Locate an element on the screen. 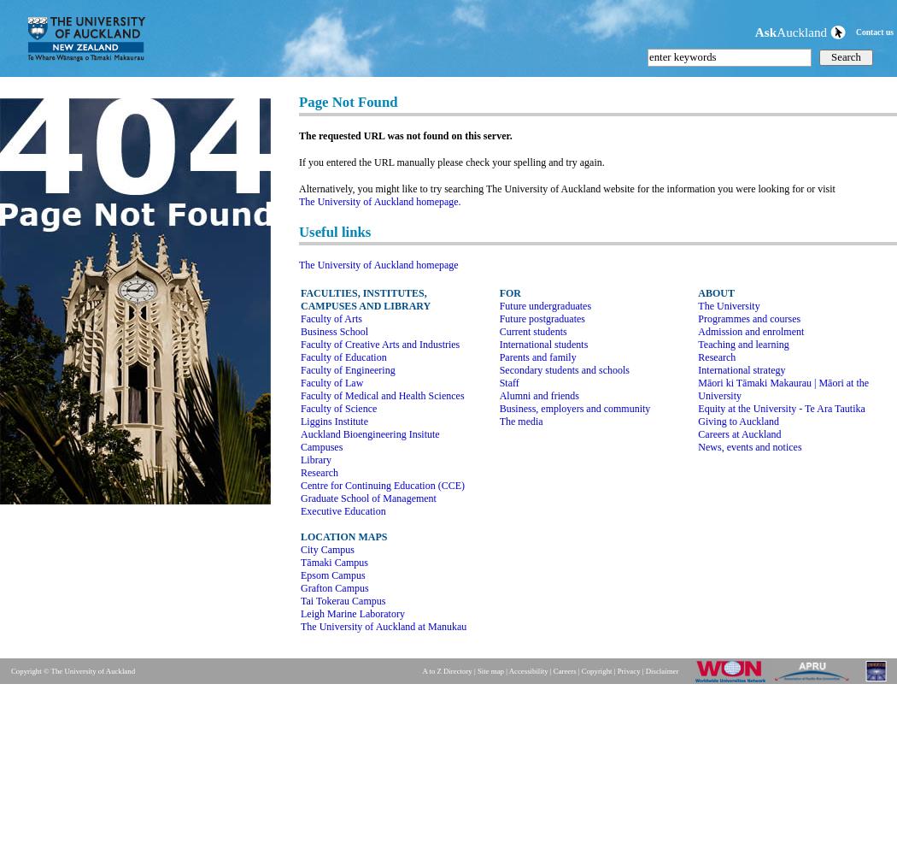 This screenshot has height=855, width=897. 'A to Z Directory' is located at coordinates (446, 671).